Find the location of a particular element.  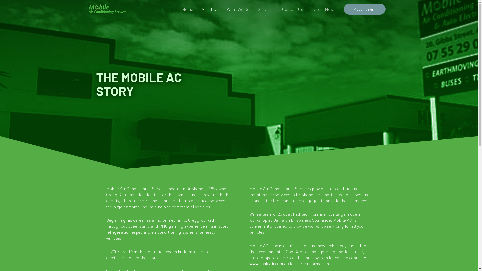

'www.coolcab.com.au' is located at coordinates (268, 263).